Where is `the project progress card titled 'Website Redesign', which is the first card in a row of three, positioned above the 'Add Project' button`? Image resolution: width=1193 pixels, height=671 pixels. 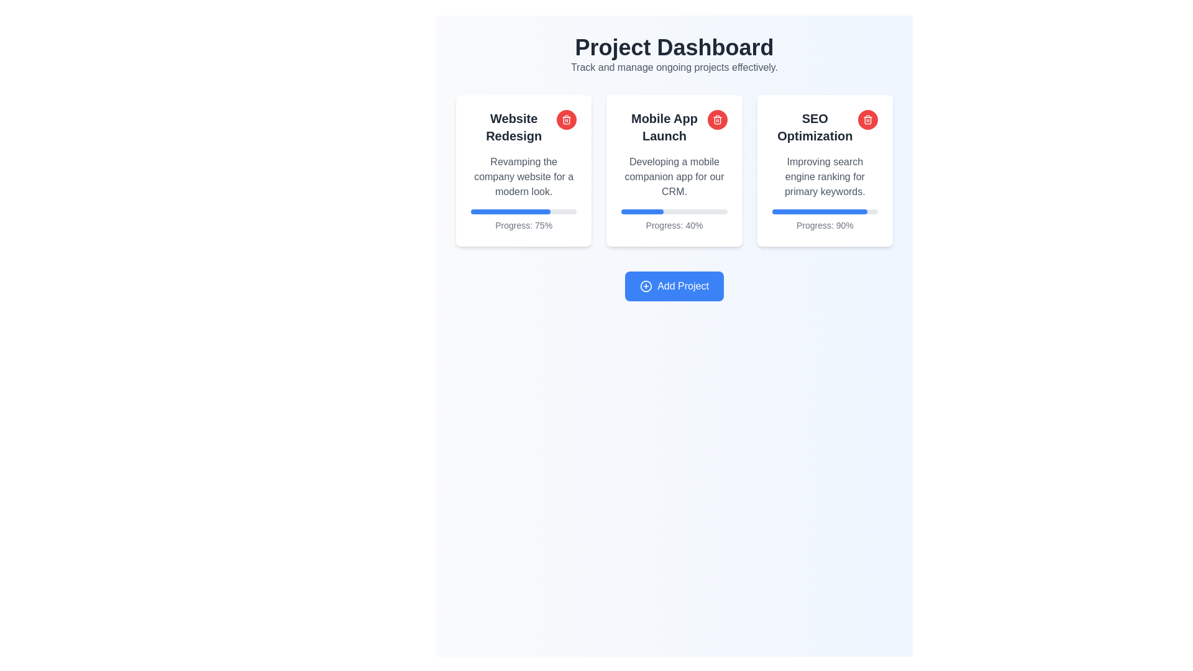
the project progress card titled 'Website Redesign', which is the first card in a row of three, positioned above the 'Add Project' button is located at coordinates (524, 170).